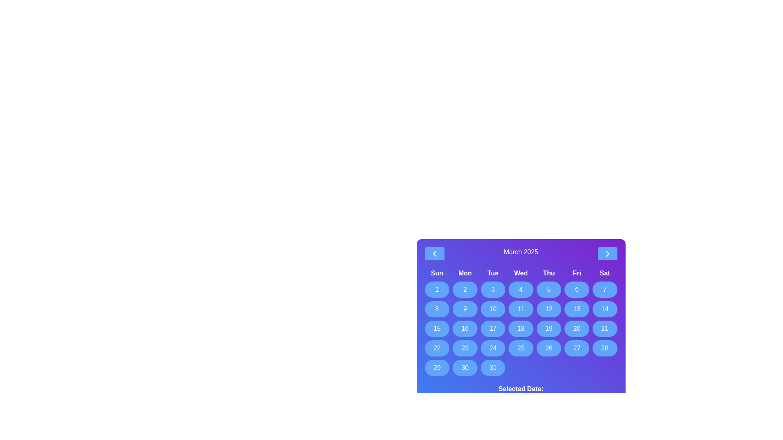 This screenshot has width=783, height=440. I want to click on the rounded rectangle button with a blue background displaying the number '20' located in the sixth column under the 'Fri' header to change its background color, so click(576, 328).